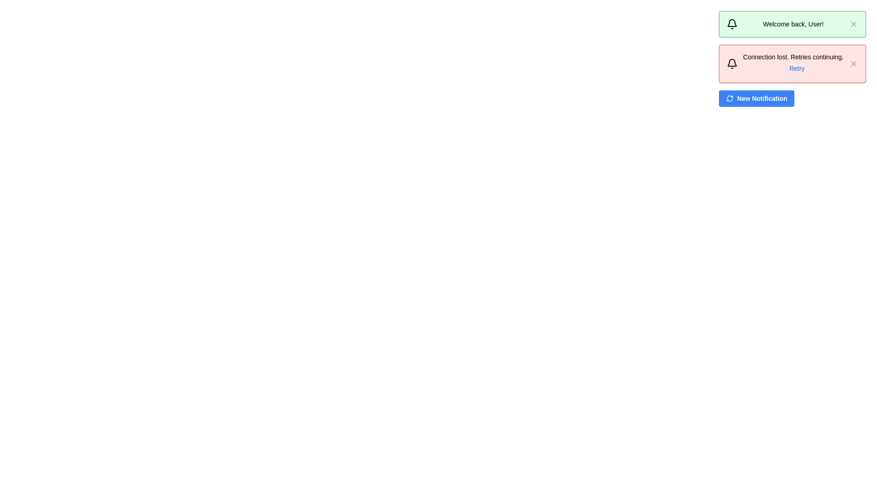  What do you see at coordinates (792, 63) in the screenshot?
I see `the 'Retry' button in the notification that displays 'Connection lost. Retries continuing.'` at bounding box center [792, 63].